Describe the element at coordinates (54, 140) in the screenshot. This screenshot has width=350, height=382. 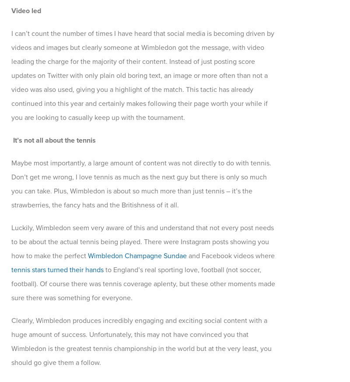
I see `'It’s not all about the tennis'` at that location.